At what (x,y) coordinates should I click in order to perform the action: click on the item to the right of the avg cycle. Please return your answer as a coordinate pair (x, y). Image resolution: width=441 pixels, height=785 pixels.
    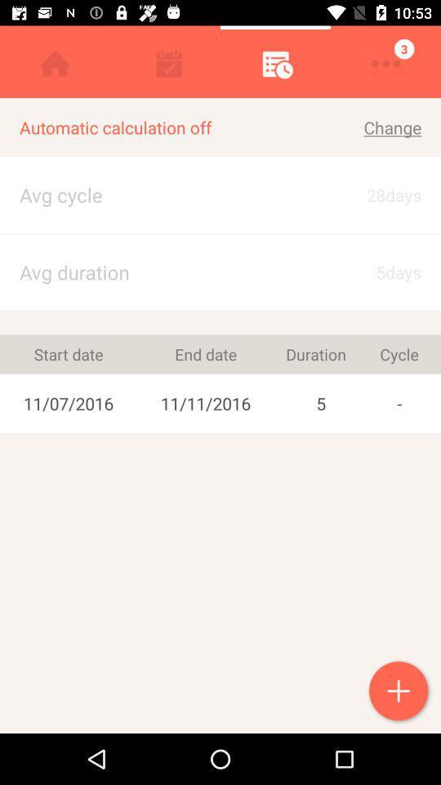
    Looking at the image, I should click on (378, 272).